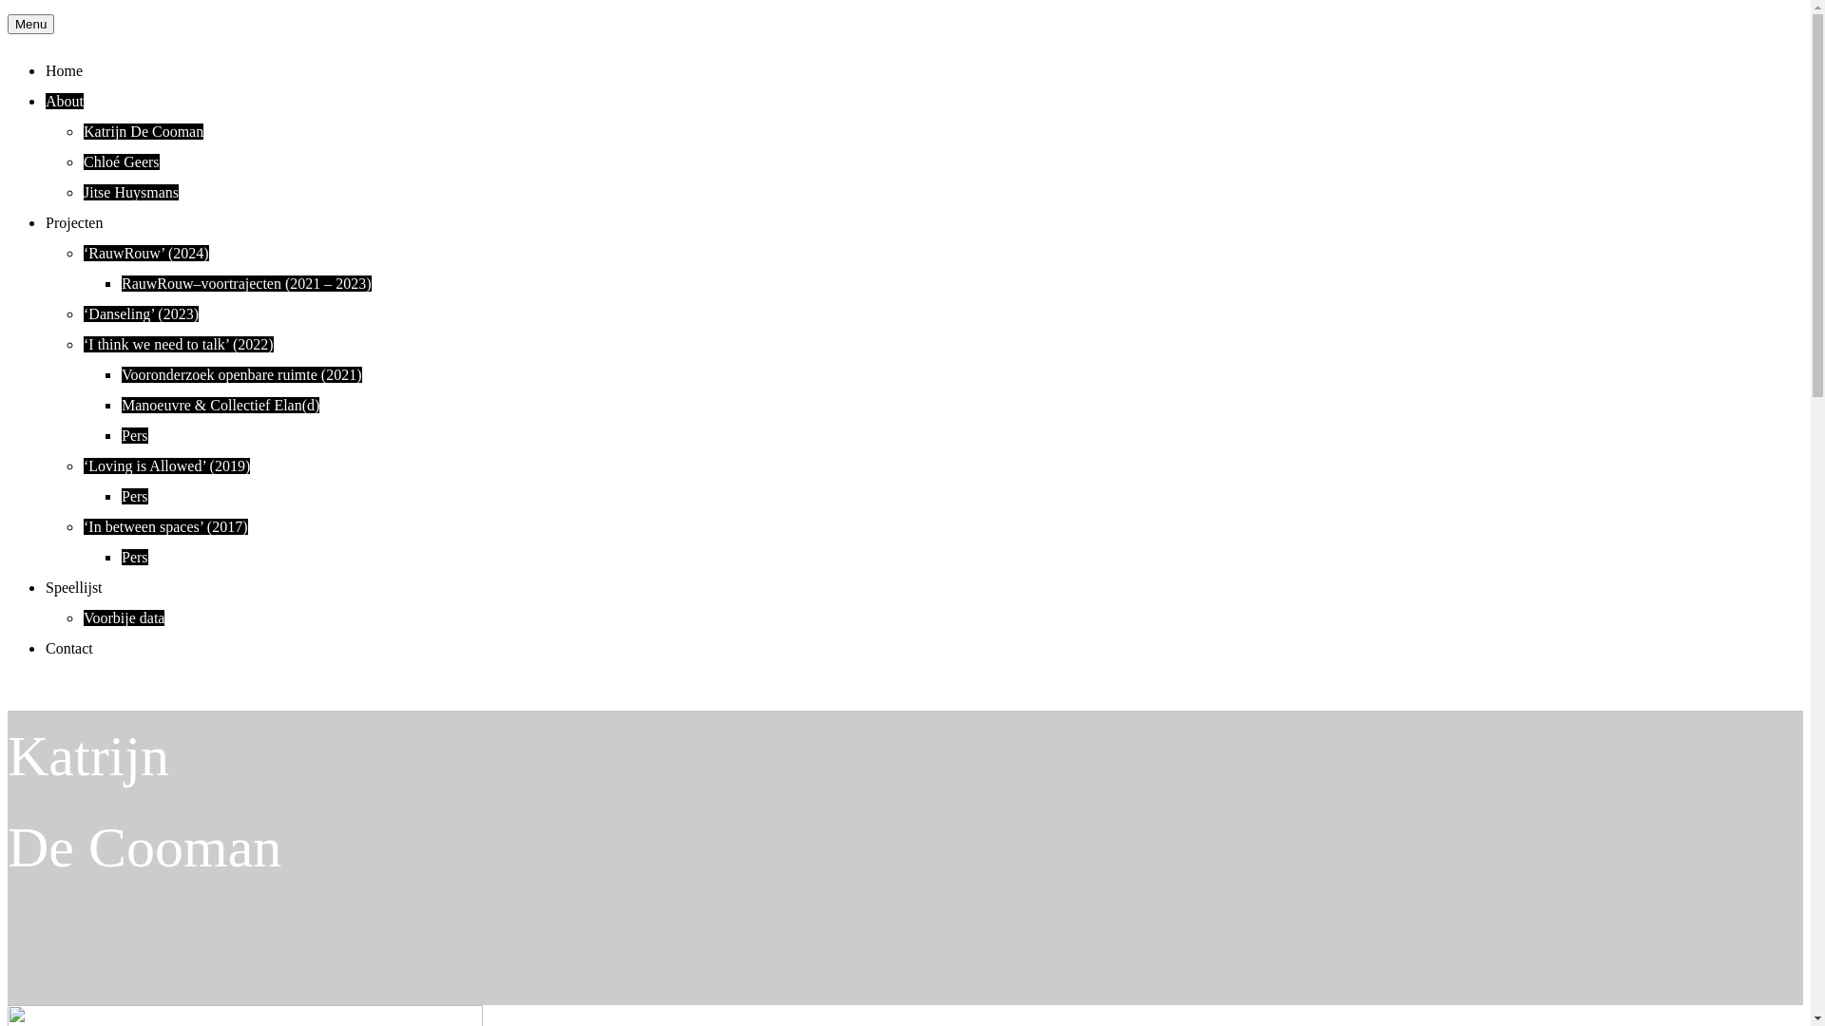  I want to click on 'Voorbije data', so click(123, 617).